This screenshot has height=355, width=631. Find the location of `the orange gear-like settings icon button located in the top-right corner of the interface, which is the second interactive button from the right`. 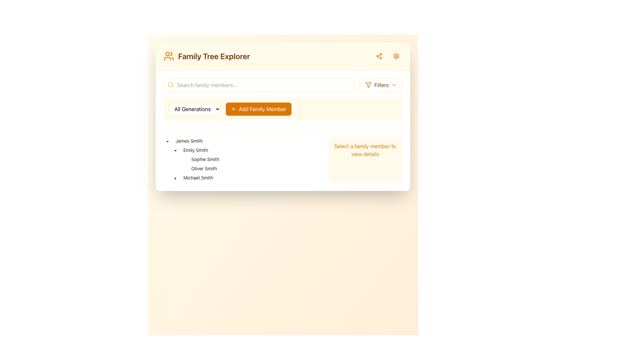

the orange gear-like settings icon button located in the top-right corner of the interface, which is the second interactive button from the right is located at coordinates (396, 56).